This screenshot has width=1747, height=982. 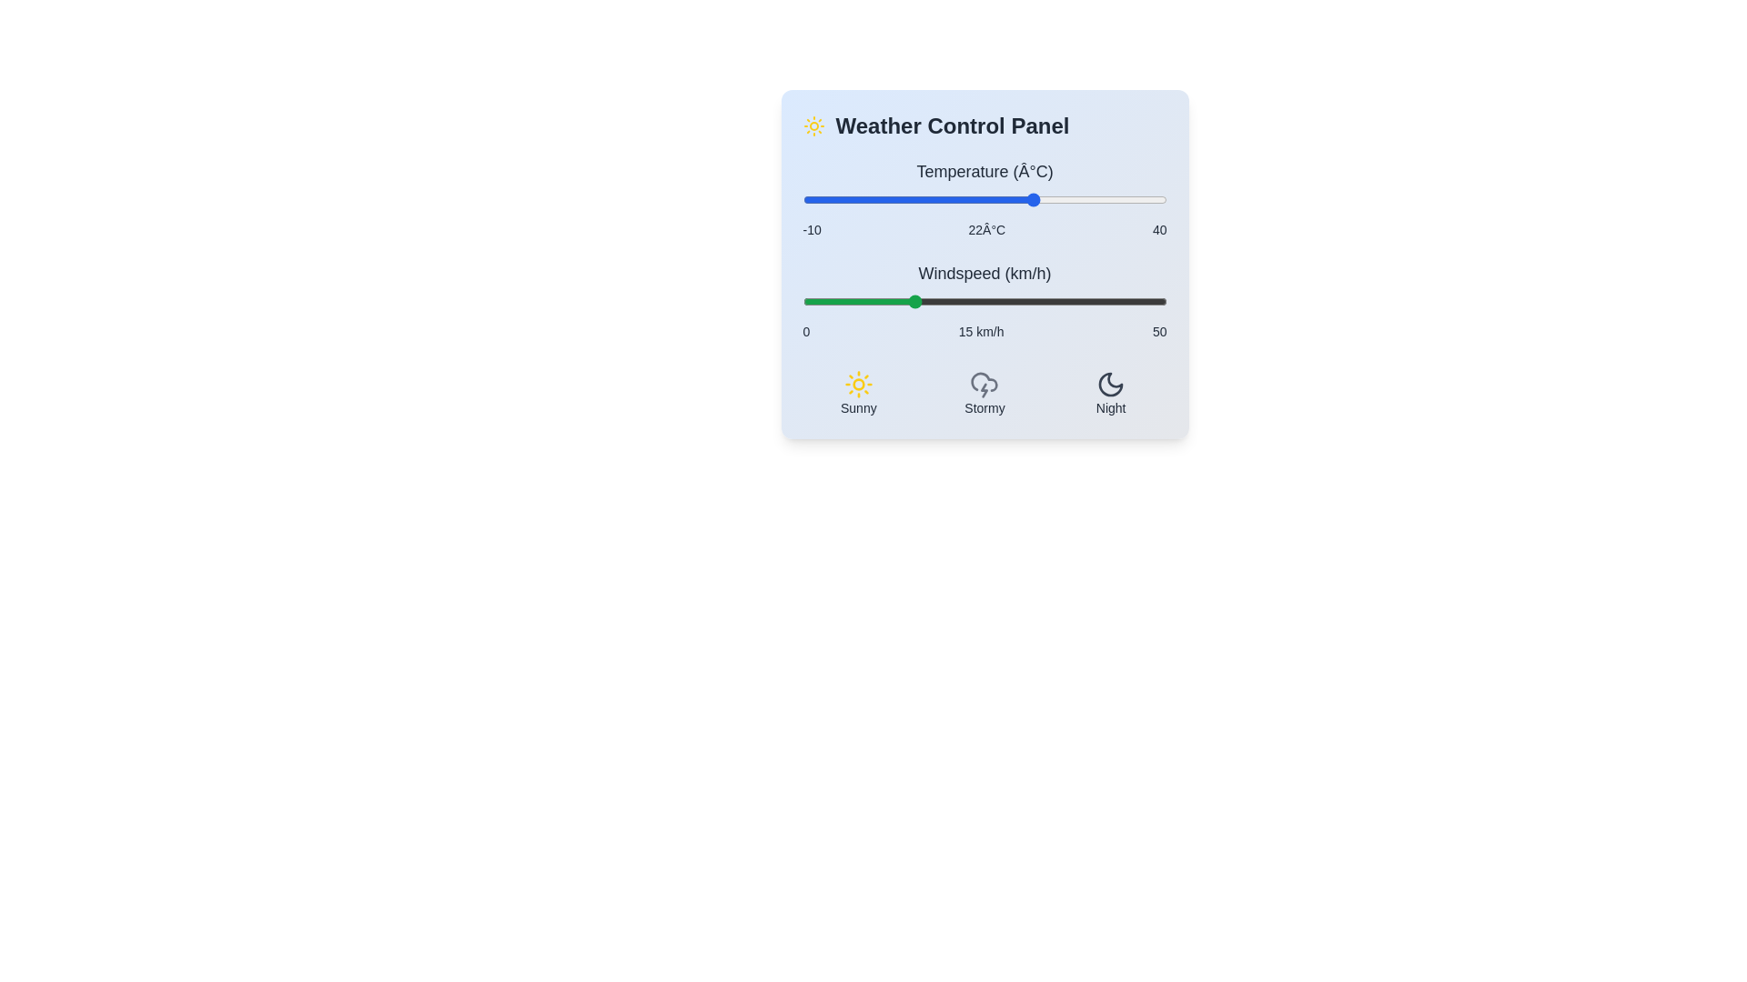 I want to click on the temperature, so click(x=883, y=199).